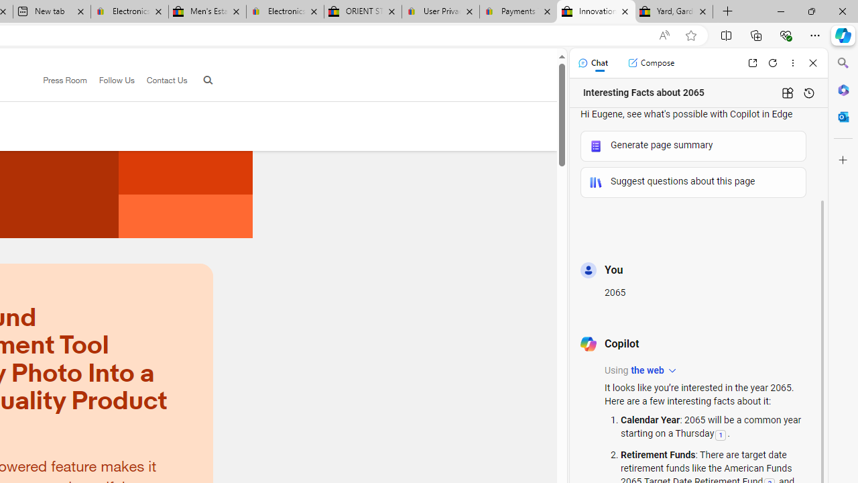 This screenshot has width=858, height=483. Describe the element at coordinates (651, 62) in the screenshot. I see `'Compose'` at that location.